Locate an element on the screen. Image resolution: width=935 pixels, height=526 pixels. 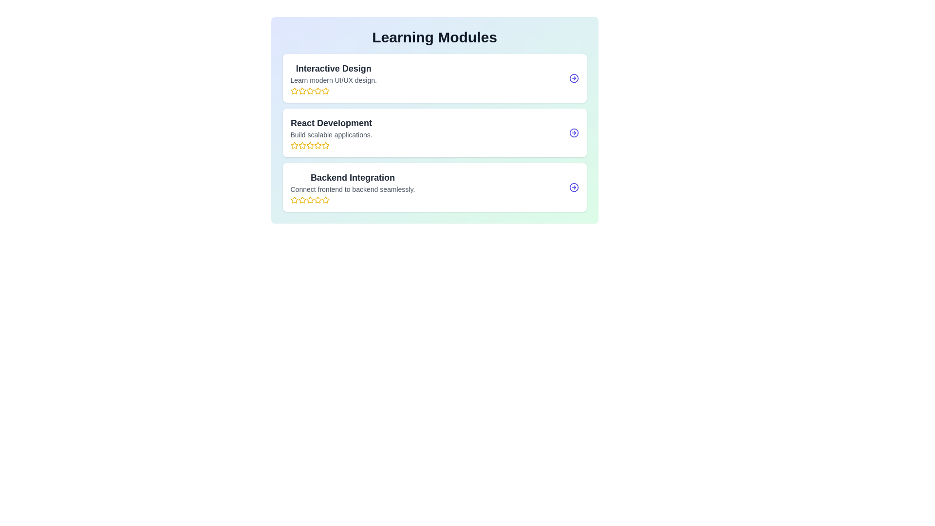
the arrow button of the React Development module to navigate to its detailed view is located at coordinates (574, 133).